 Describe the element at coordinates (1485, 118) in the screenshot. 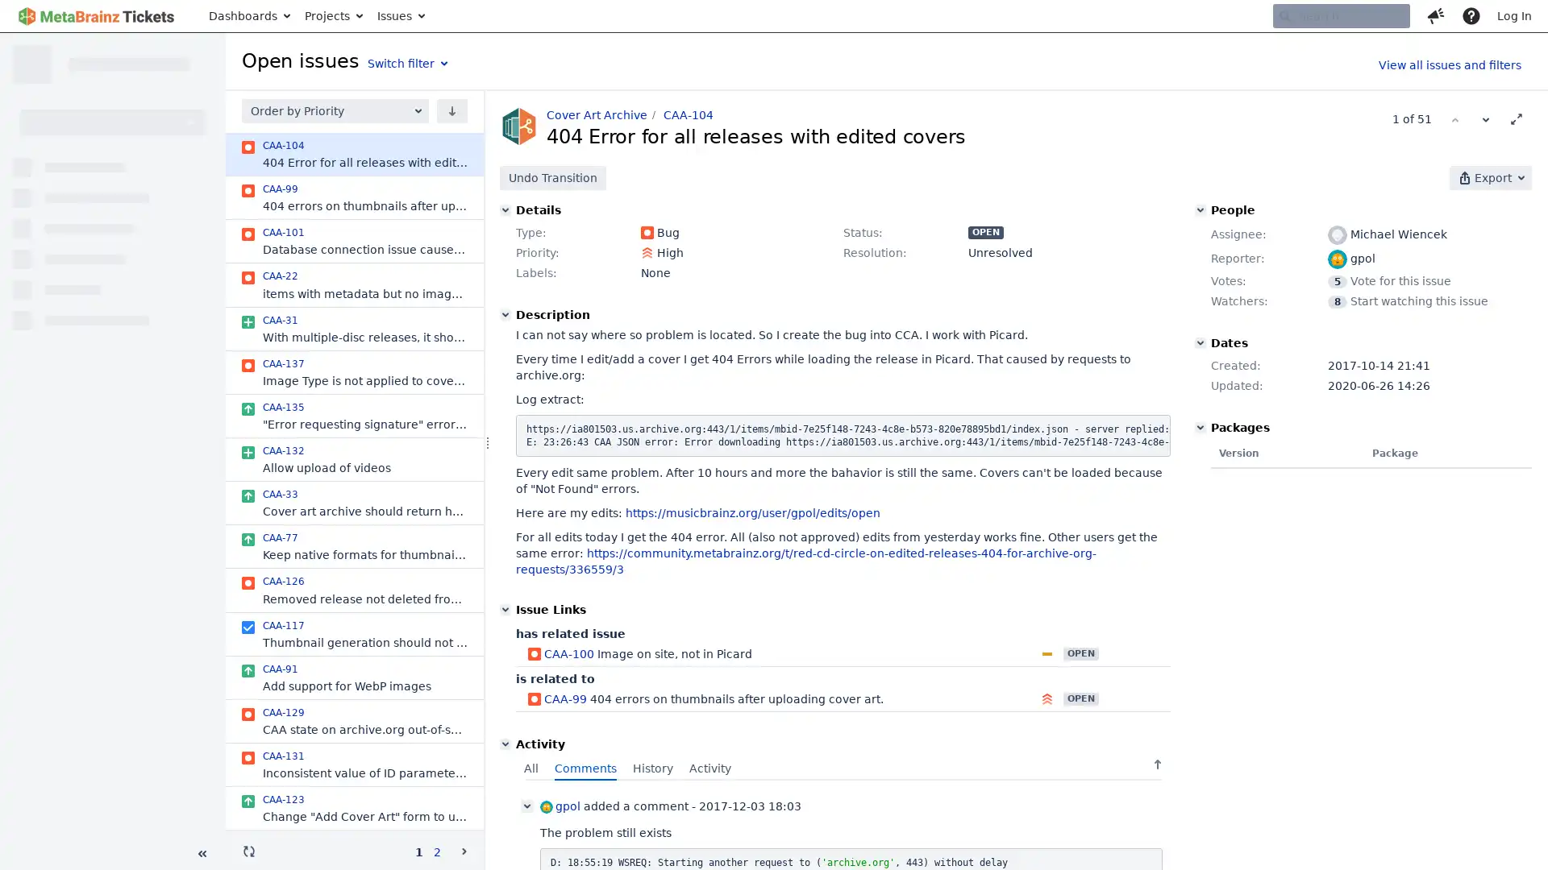

I see `Next Issue'CAA-99'` at that location.